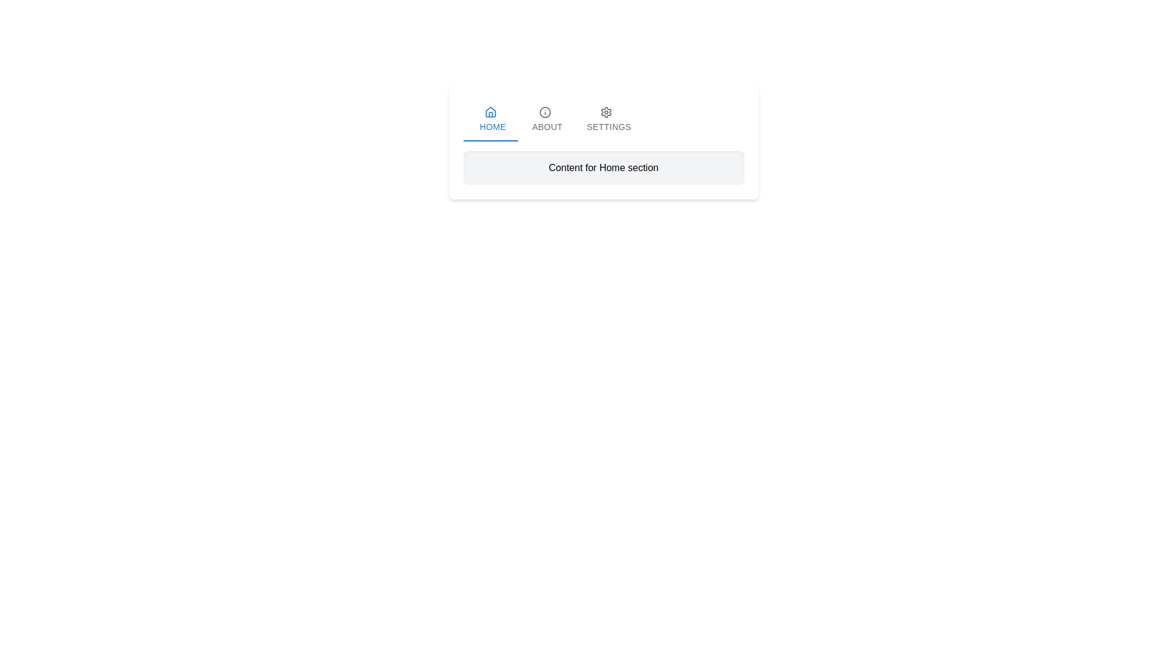 This screenshot has height=653, width=1162. What do you see at coordinates (490, 140) in the screenshot?
I see `the indicator bar that highlights the currently active 'Home' tab in the navigation bar at the top of the page` at bounding box center [490, 140].